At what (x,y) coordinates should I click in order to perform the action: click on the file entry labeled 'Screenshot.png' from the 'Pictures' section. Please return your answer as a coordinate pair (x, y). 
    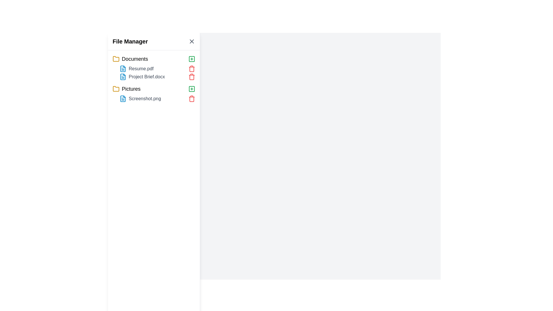
    Looking at the image, I should click on (154, 93).